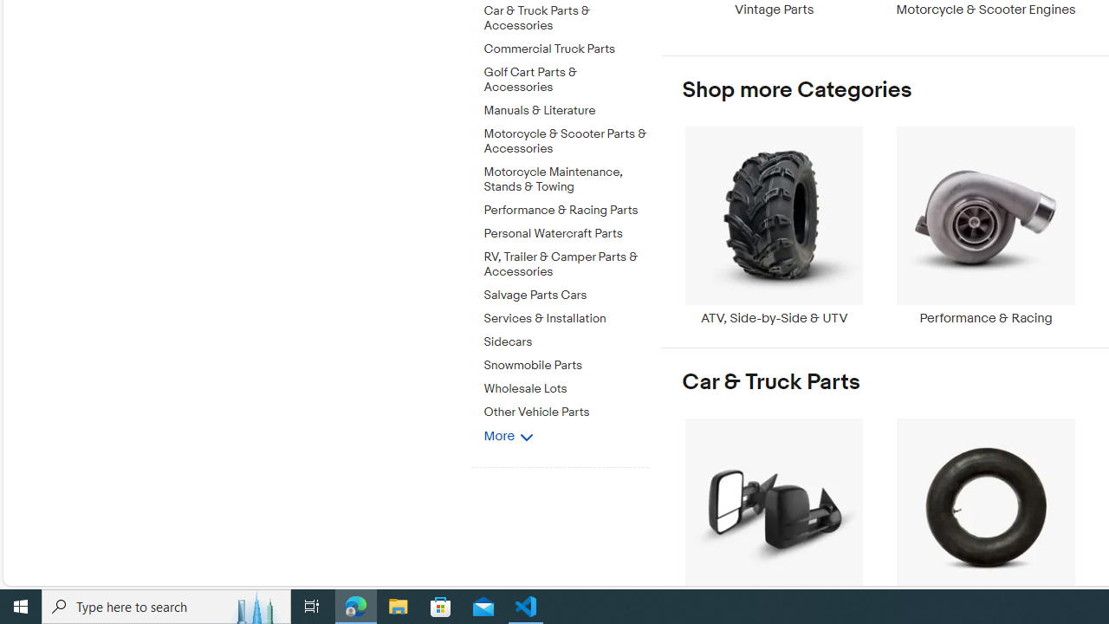  Describe the element at coordinates (566, 210) in the screenshot. I see `'Performance & Racing Parts'` at that location.